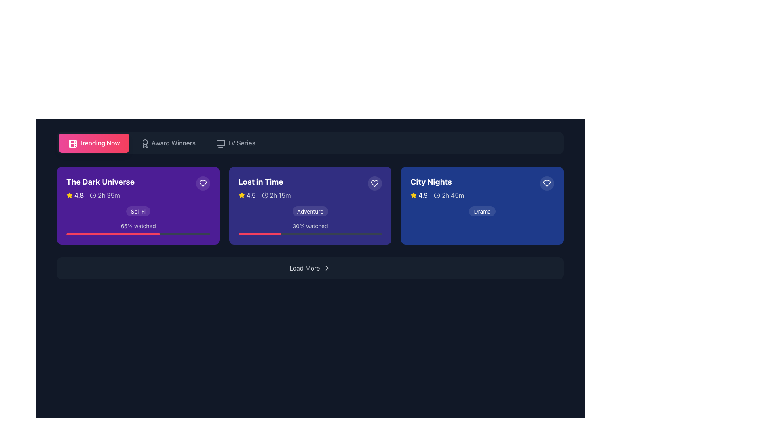 The height and width of the screenshot is (428, 760). Describe the element at coordinates (265, 195) in the screenshot. I see `the circular graphical clock icon located in the 'Lost in Time' card, which is positioned left of '2h 15m' and above 'Adventure'` at that location.